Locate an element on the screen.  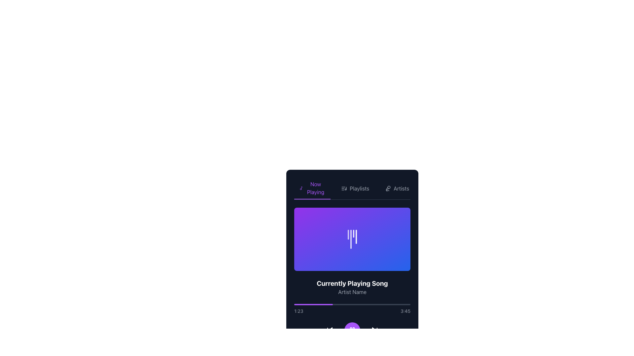
the musical list icon located within the 'Playlists' button at the center of the navigation bar is located at coordinates (344, 188).